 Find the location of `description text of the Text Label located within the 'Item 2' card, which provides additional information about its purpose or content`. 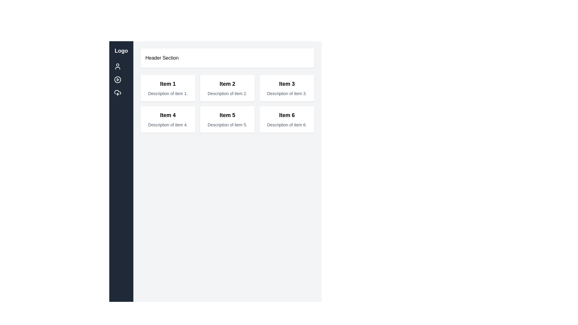

description text of the Text Label located within the 'Item 2' card, which provides additional information about its purpose or content is located at coordinates (227, 94).